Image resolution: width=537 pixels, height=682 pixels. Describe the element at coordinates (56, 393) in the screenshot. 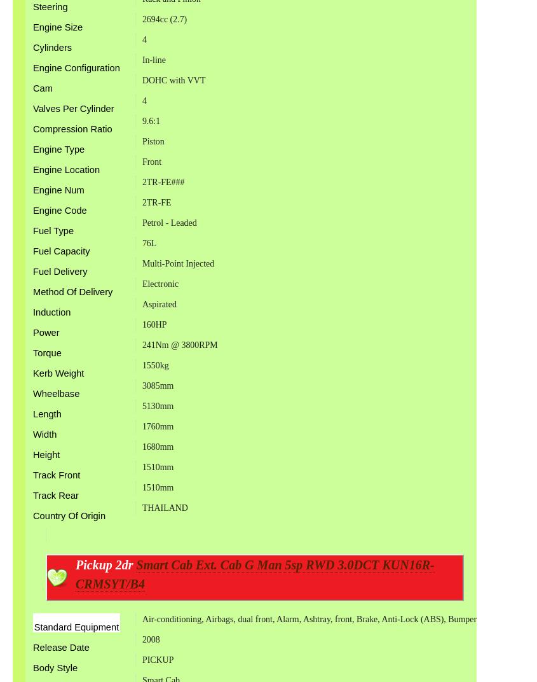

I see `'Wheelbase'` at that location.